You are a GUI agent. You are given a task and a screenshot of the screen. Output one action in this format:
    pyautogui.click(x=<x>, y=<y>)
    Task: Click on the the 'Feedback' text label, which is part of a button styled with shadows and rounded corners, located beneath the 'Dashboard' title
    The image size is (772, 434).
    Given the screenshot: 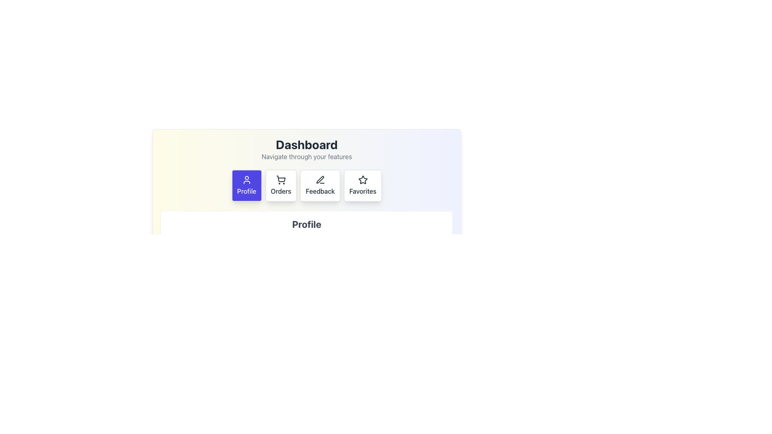 What is the action you would take?
    pyautogui.click(x=320, y=191)
    